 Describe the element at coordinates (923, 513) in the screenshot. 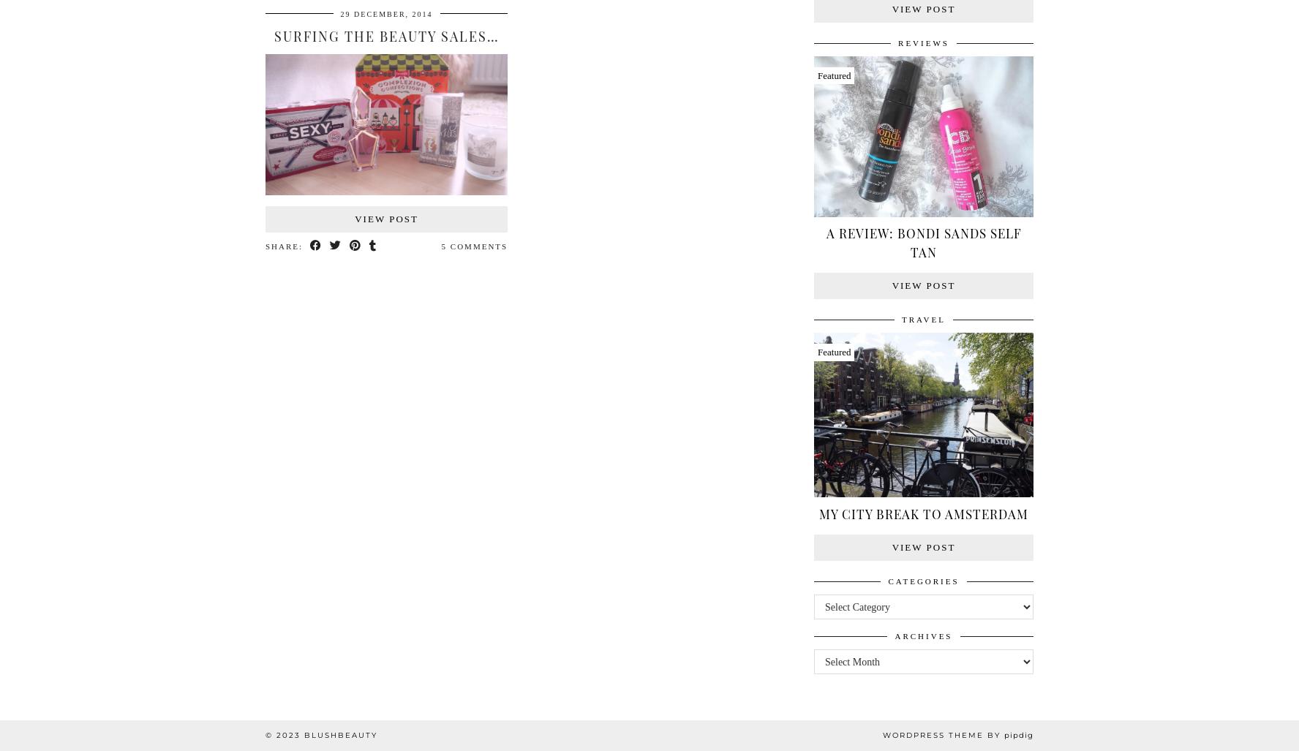

I see `'My City Break to Amsterdam'` at that location.